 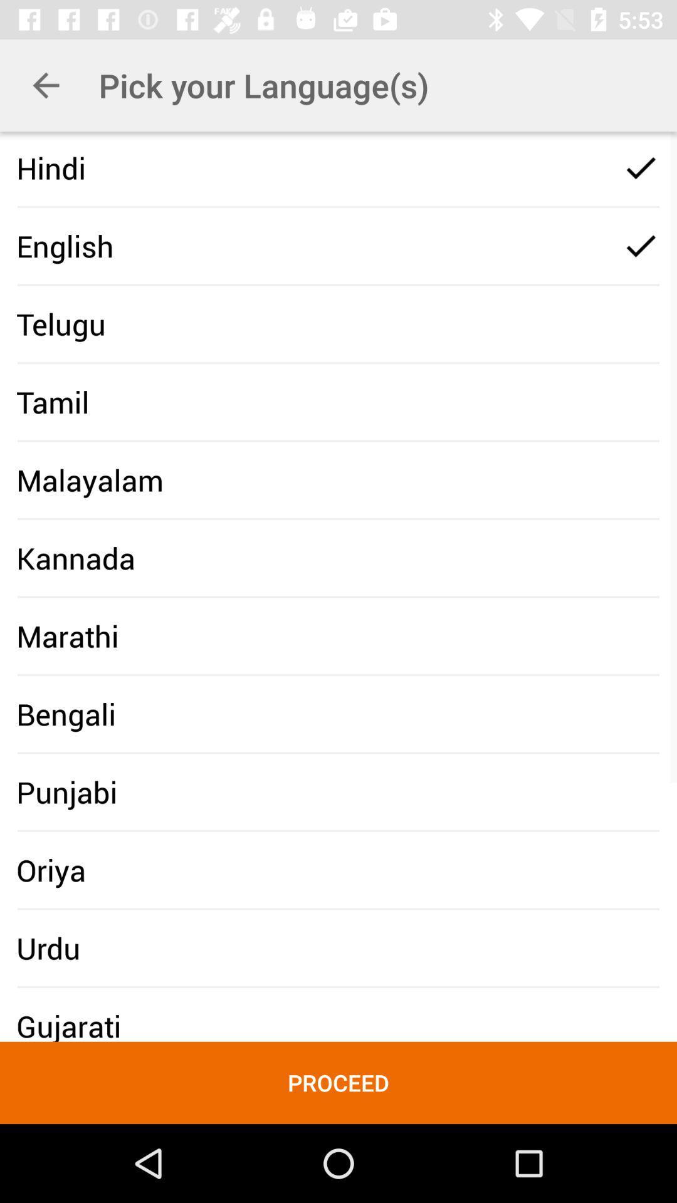 I want to click on the item below urdu icon, so click(x=338, y=1082).